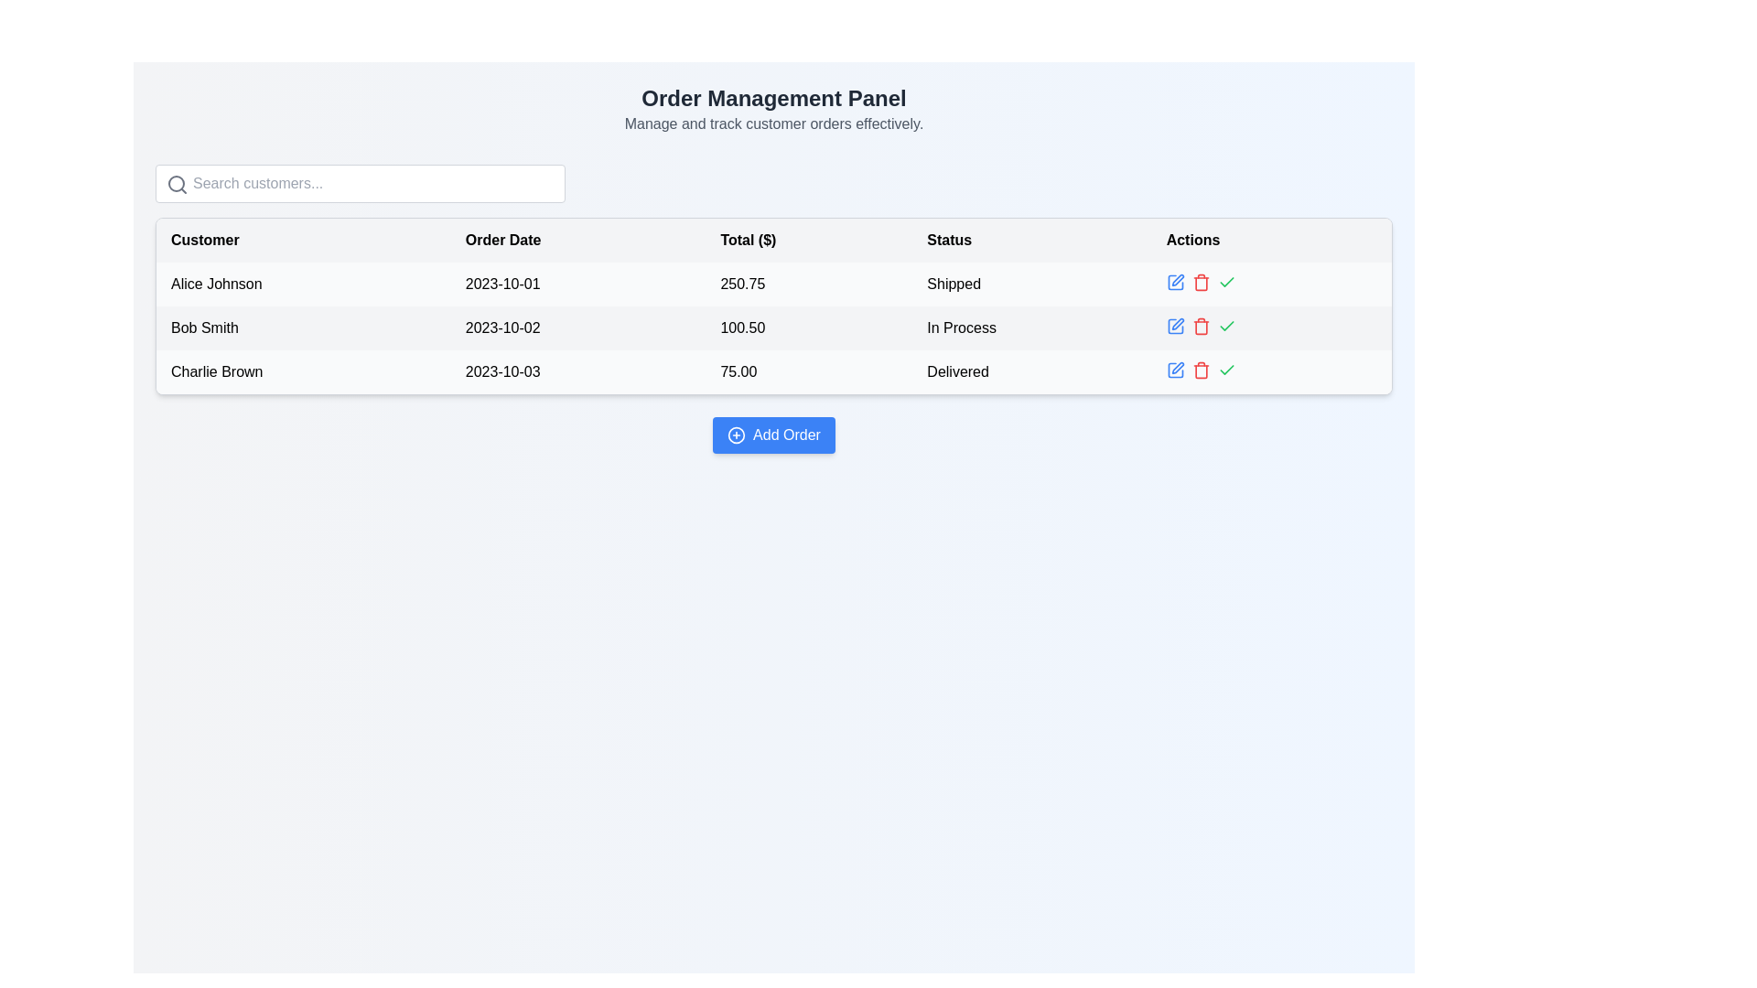 The width and height of the screenshot is (1757, 988). I want to click on the data row representing the customer order for 'Bob Smith' which includes details such as the order date, total amount, and order status, so click(773, 327).